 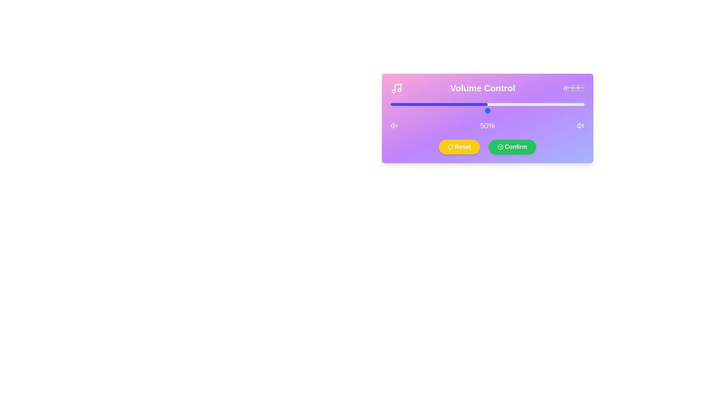 What do you see at coordinates (553, 110) in the screenshot?
I see `the slider` at bounding box center [553, 110].